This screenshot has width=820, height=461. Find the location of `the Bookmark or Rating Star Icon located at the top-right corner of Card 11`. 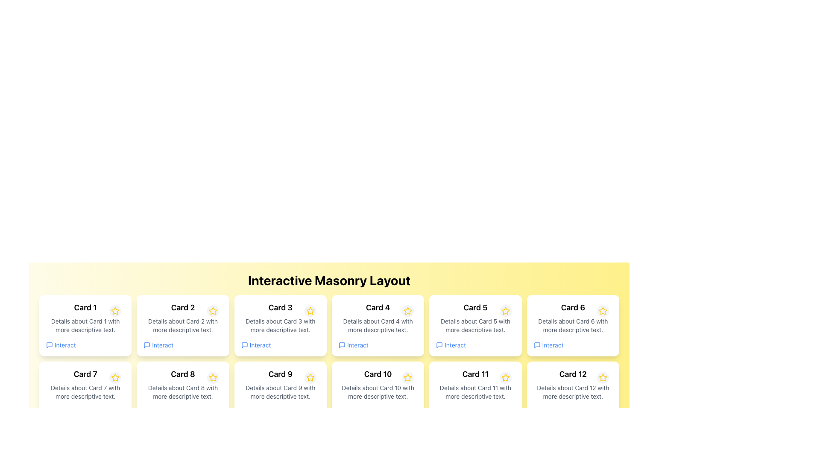

the Bookmark or Rating Star Icon located at the top-right corner of Card 11 is located at coordinates (505, 378).